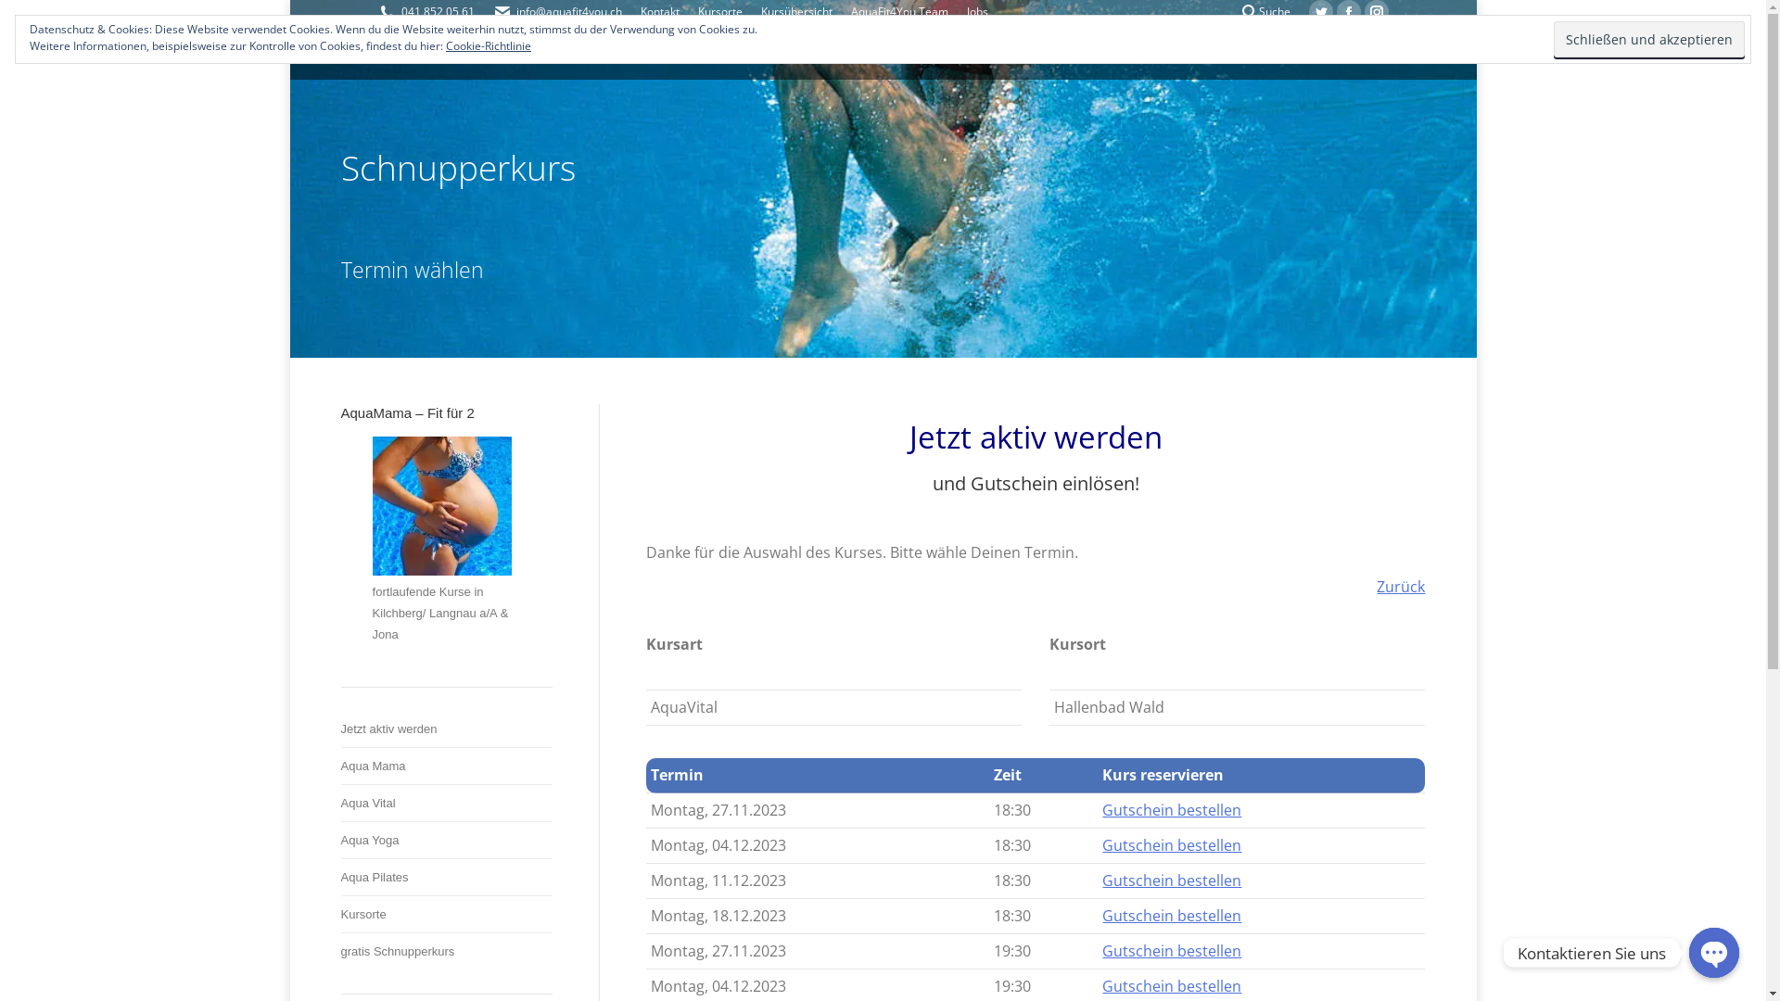 This screenshot has height=1001, width=1780. What do you see at coordinates (489, 44) in the screenshot?
I see `'Cookie-Richtlinie'` at bounding box center [489, 44].